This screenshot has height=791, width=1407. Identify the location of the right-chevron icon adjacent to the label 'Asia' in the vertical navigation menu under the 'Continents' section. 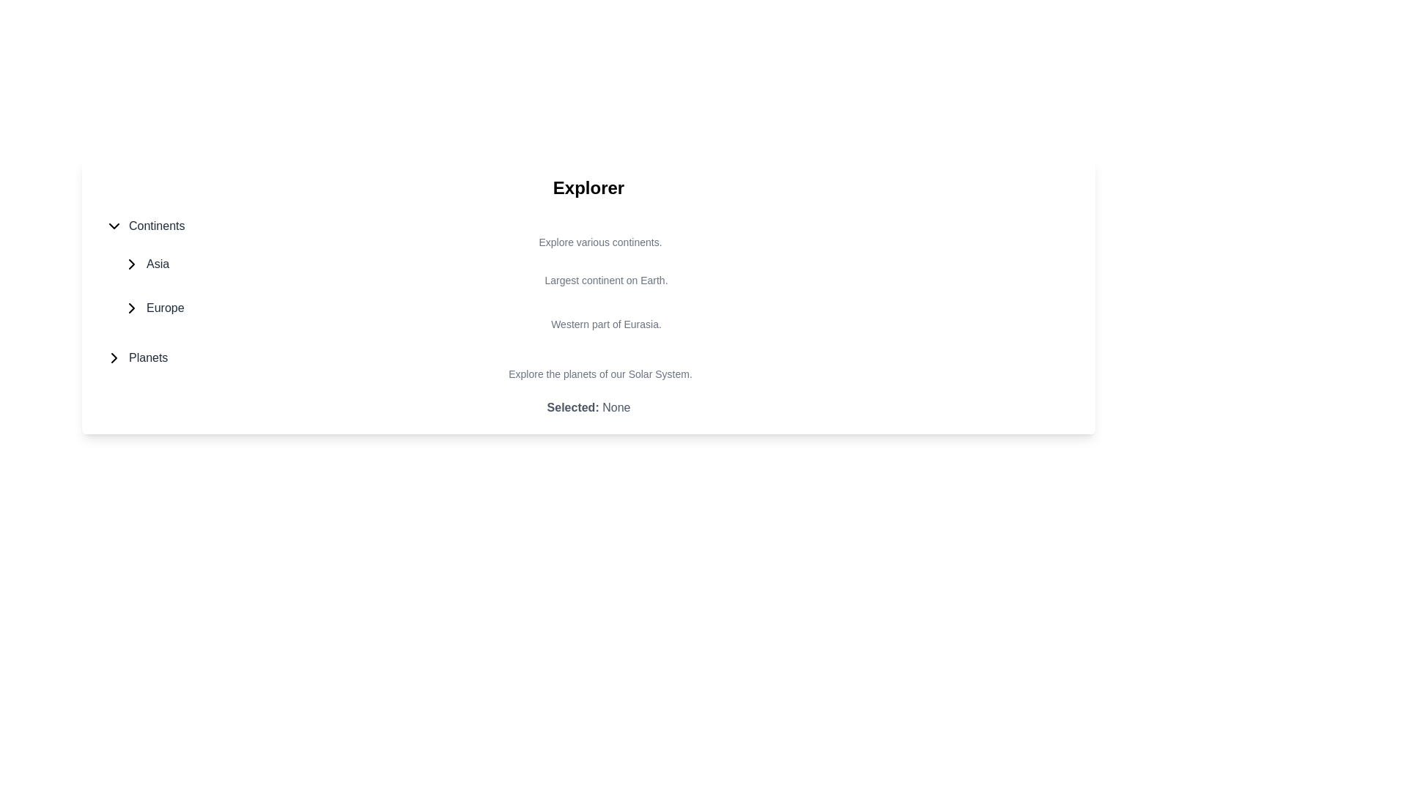
(132, 264).